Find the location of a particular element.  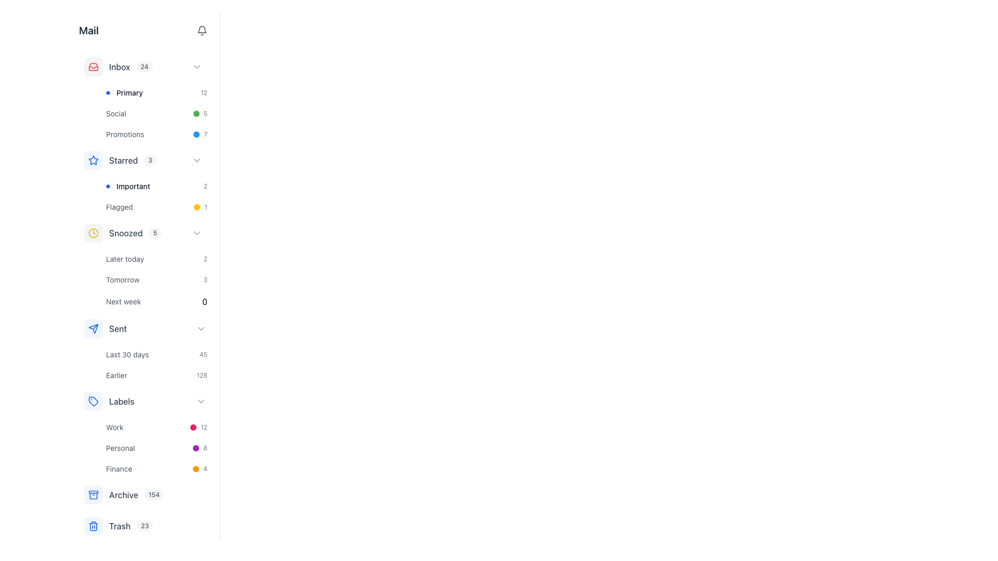

the 'Social' text label, which is styled in light gray and is part of the horizontal group under the 'Primary' label in the 'Inbox' section is located at coordinates (116, 114).